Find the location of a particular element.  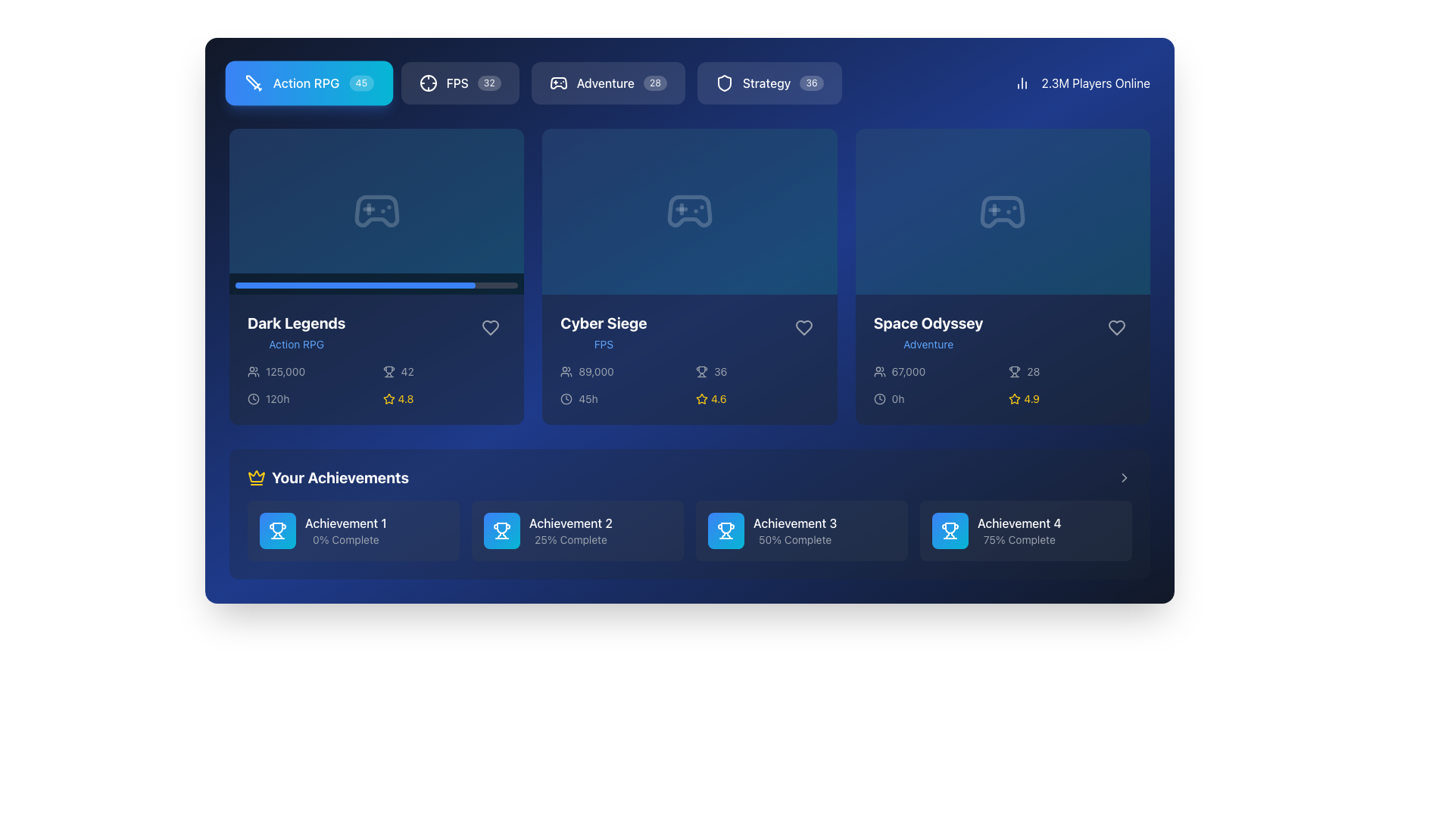

the text element 'Achievement 2' styled in white font within the 'Your Achievements' section, located above the '25% Complete' text is located at coordinates (569, 522).